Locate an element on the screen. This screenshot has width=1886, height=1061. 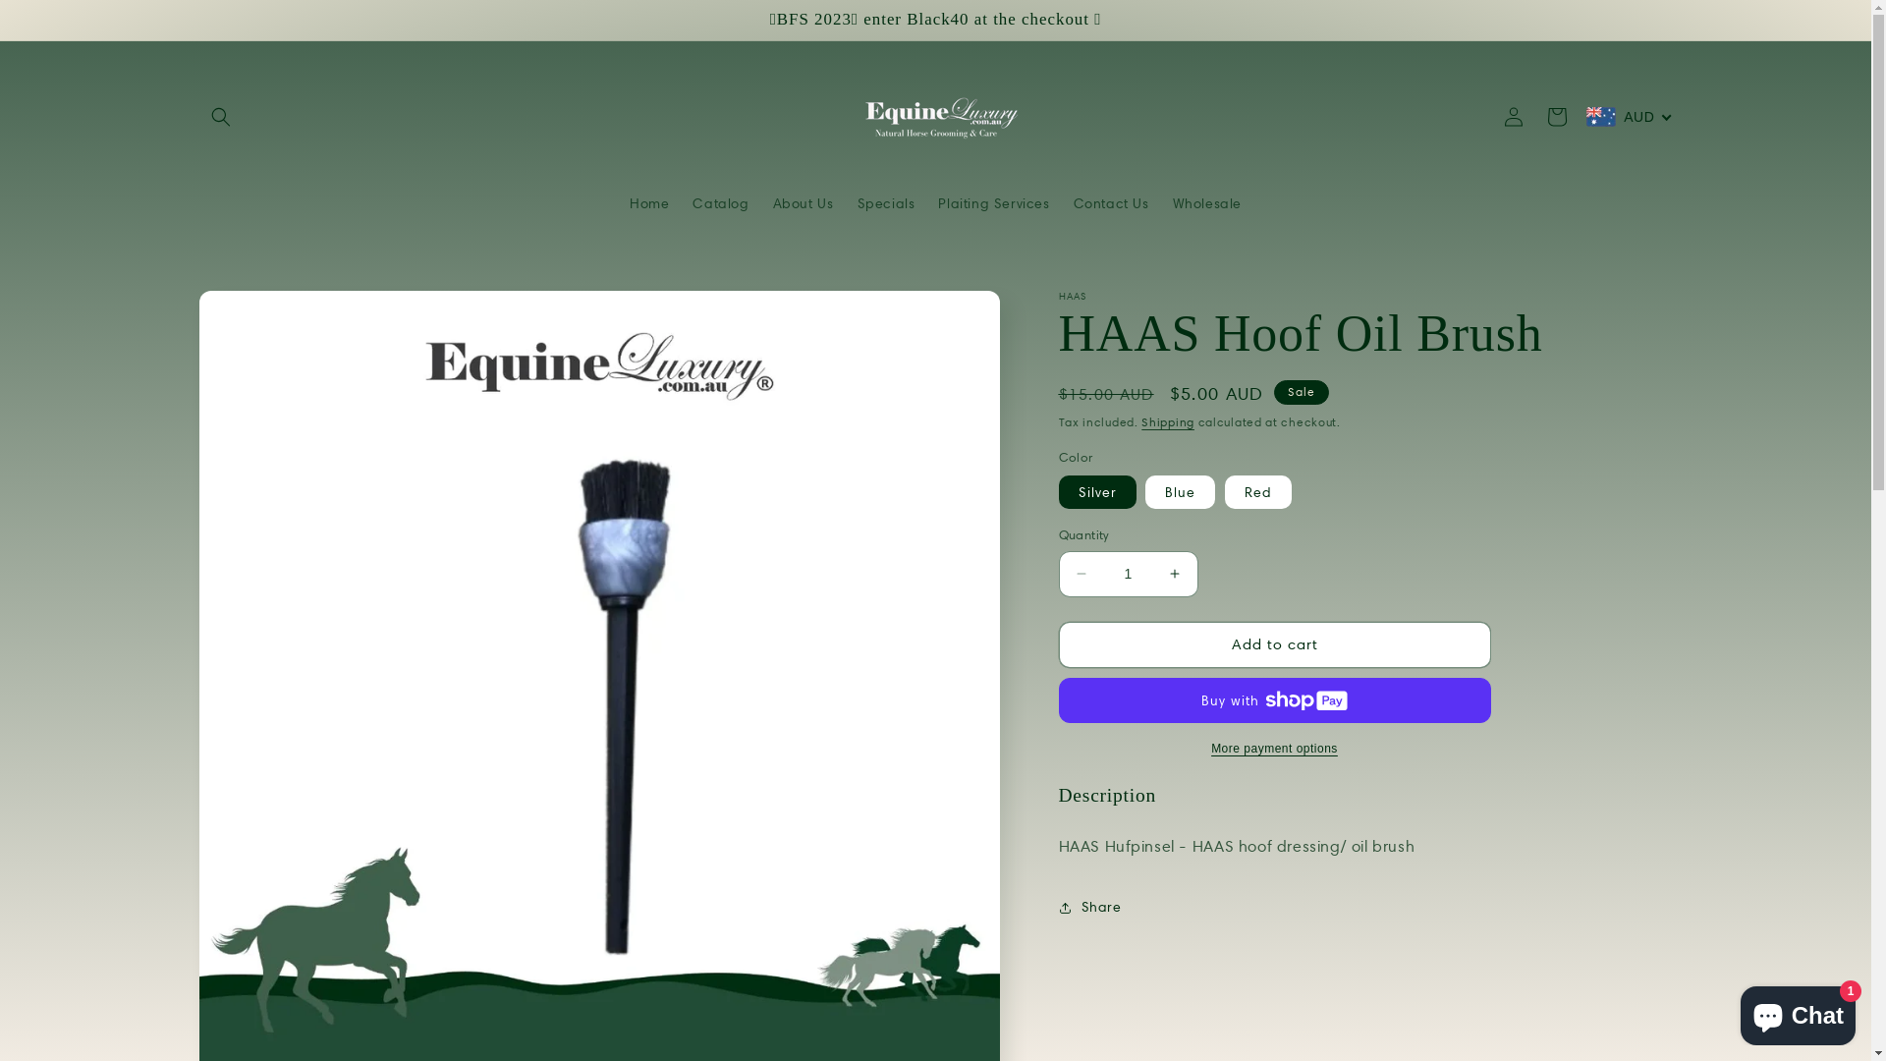
'Contact Us' is located at coordinates (1111, 203).